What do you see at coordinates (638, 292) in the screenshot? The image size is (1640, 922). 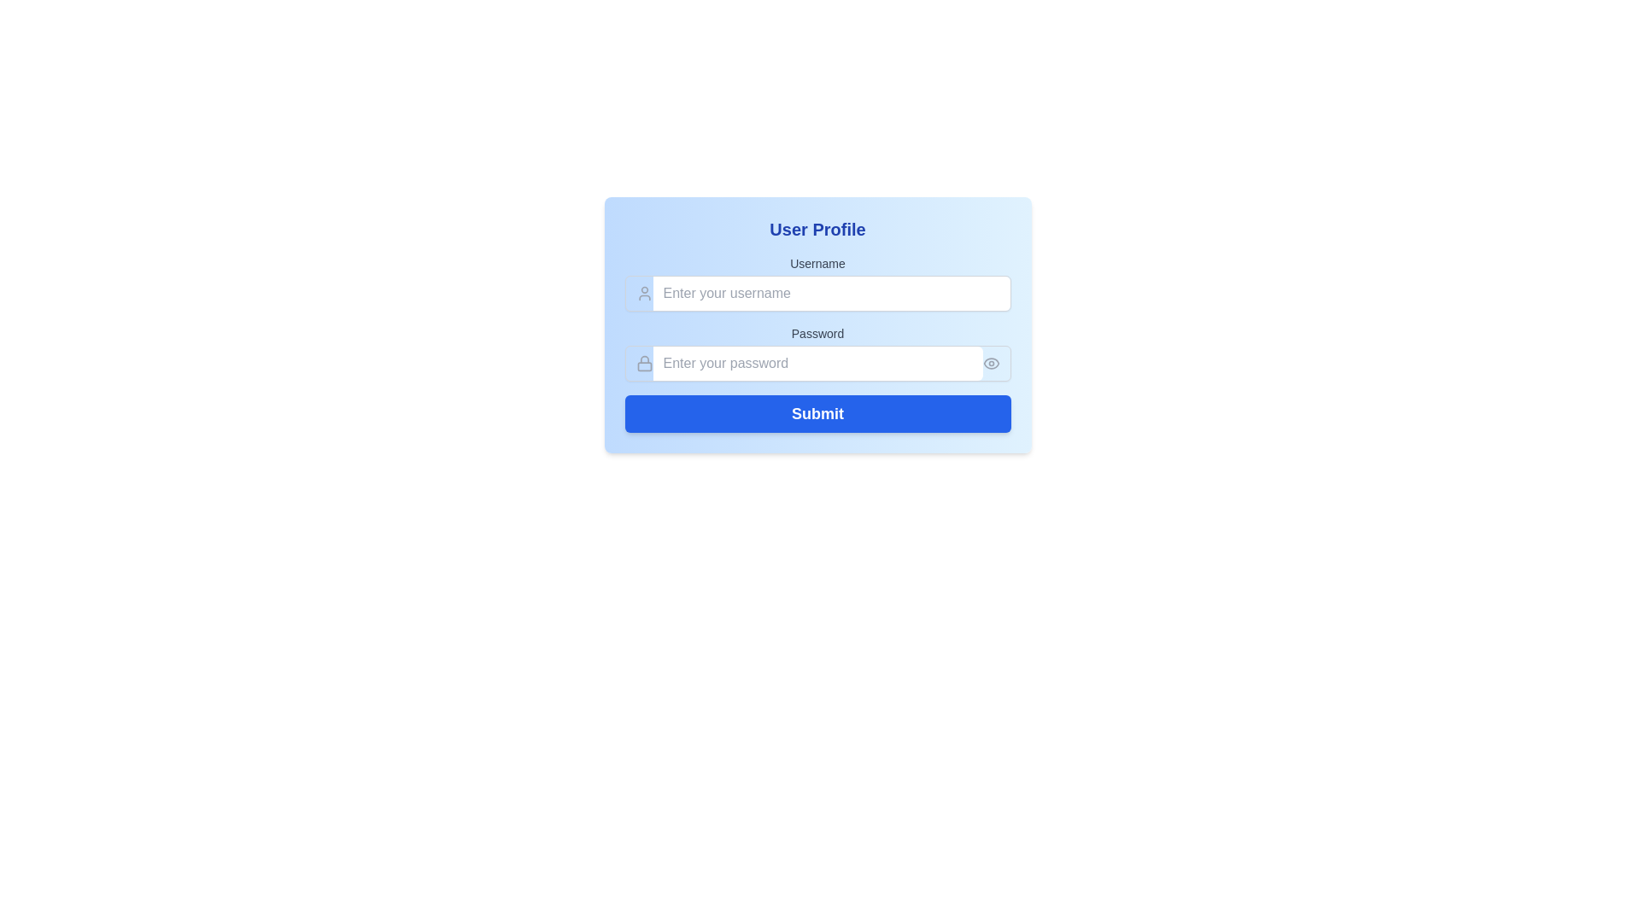 I see `the user icon, a simplistic line-drawn human figure in gray, located left of the 'Enter your username' text input box` at bounding box center [638, 292].